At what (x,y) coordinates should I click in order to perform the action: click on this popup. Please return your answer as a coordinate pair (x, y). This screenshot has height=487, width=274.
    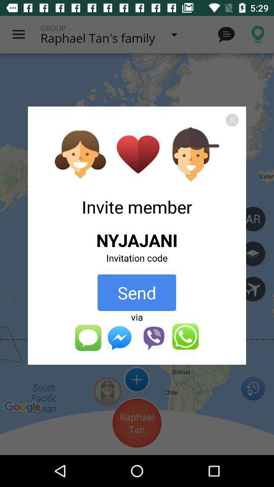
    Looking at the image, I should click on (232, 120).